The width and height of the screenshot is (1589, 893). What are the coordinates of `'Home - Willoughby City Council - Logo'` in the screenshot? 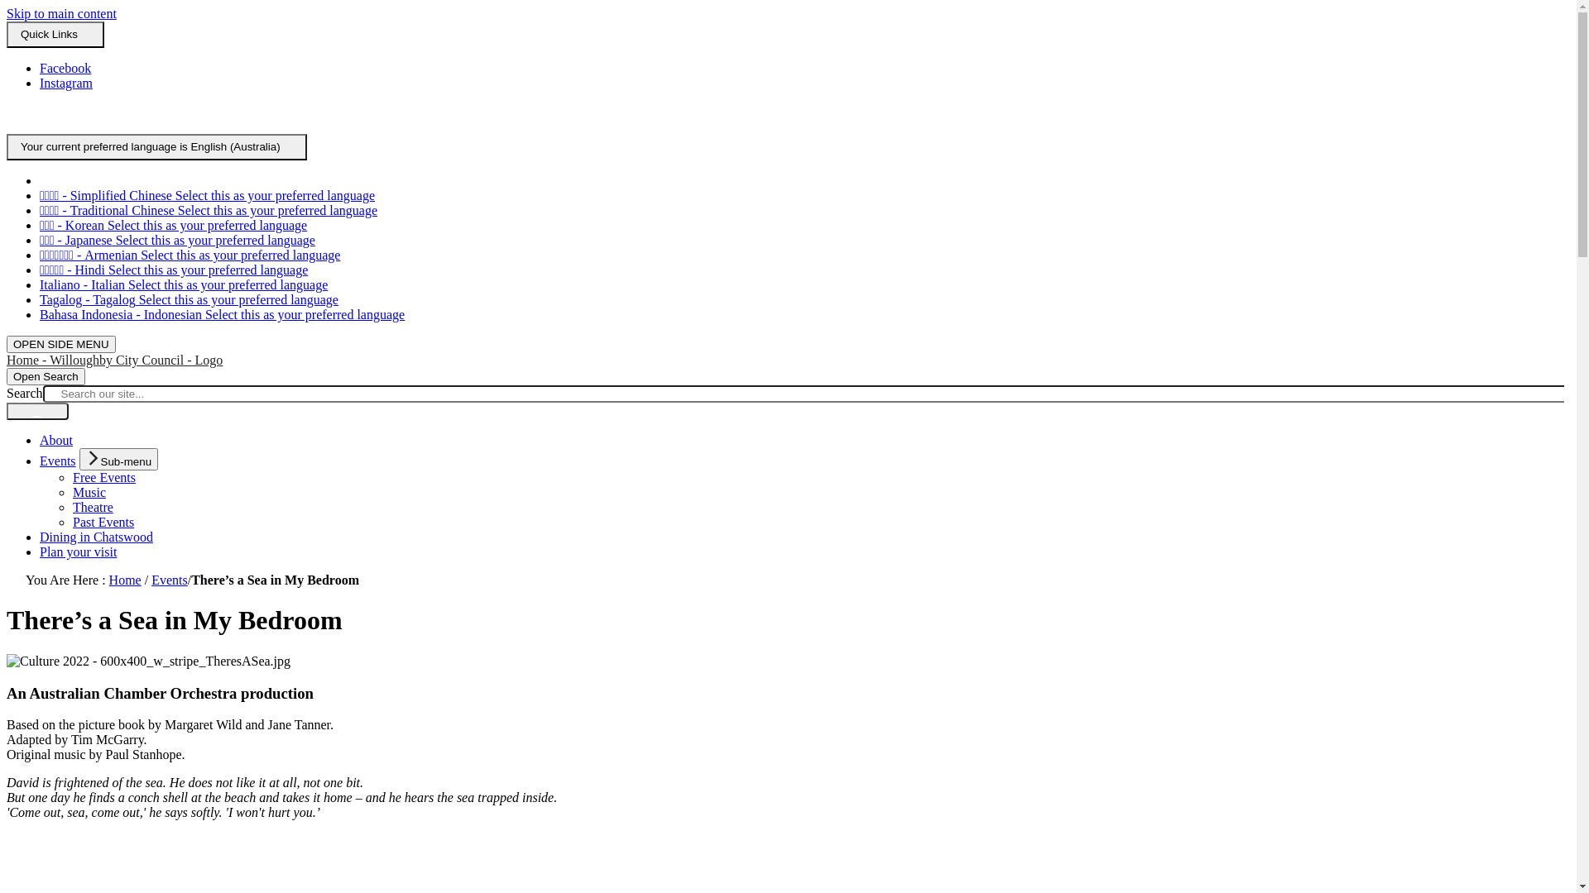 It's located at (113, 359).